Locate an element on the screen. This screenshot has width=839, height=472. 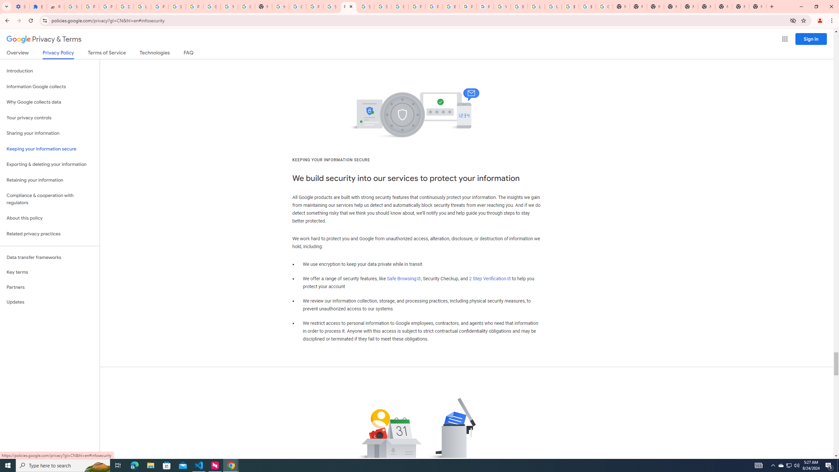
'Related privacy practices' is located at coordinates (49, 233).